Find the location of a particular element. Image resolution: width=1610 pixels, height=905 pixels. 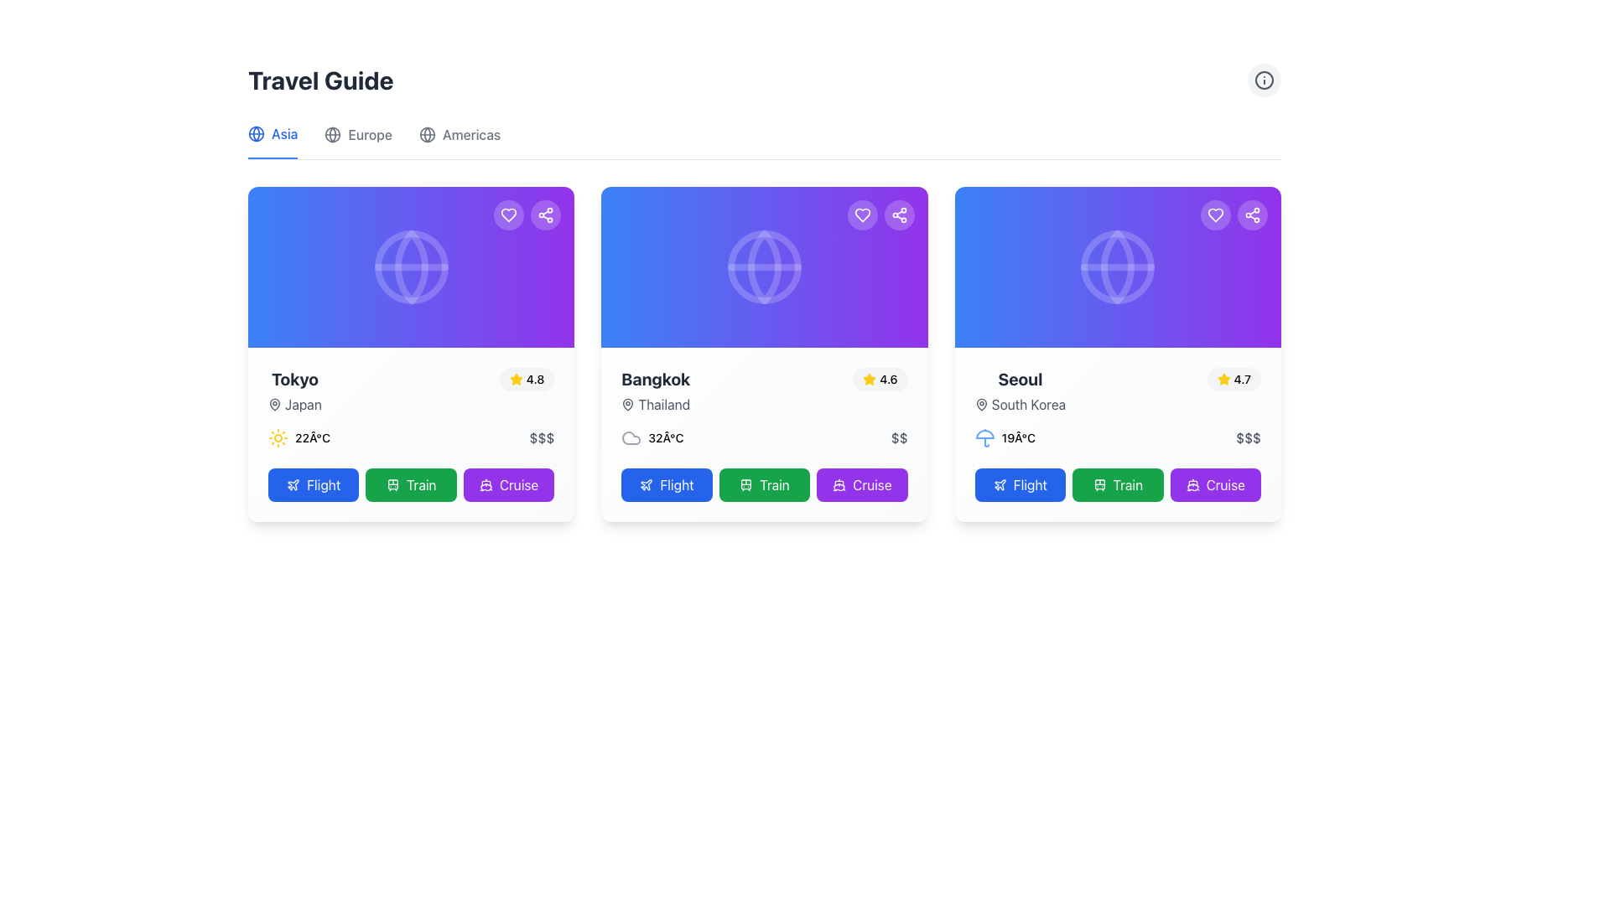

the heart icon with a white outline located in the upper-right corner of the purple card for Seoul to mark the item as a favorite is located at coordinates (1215, 215).